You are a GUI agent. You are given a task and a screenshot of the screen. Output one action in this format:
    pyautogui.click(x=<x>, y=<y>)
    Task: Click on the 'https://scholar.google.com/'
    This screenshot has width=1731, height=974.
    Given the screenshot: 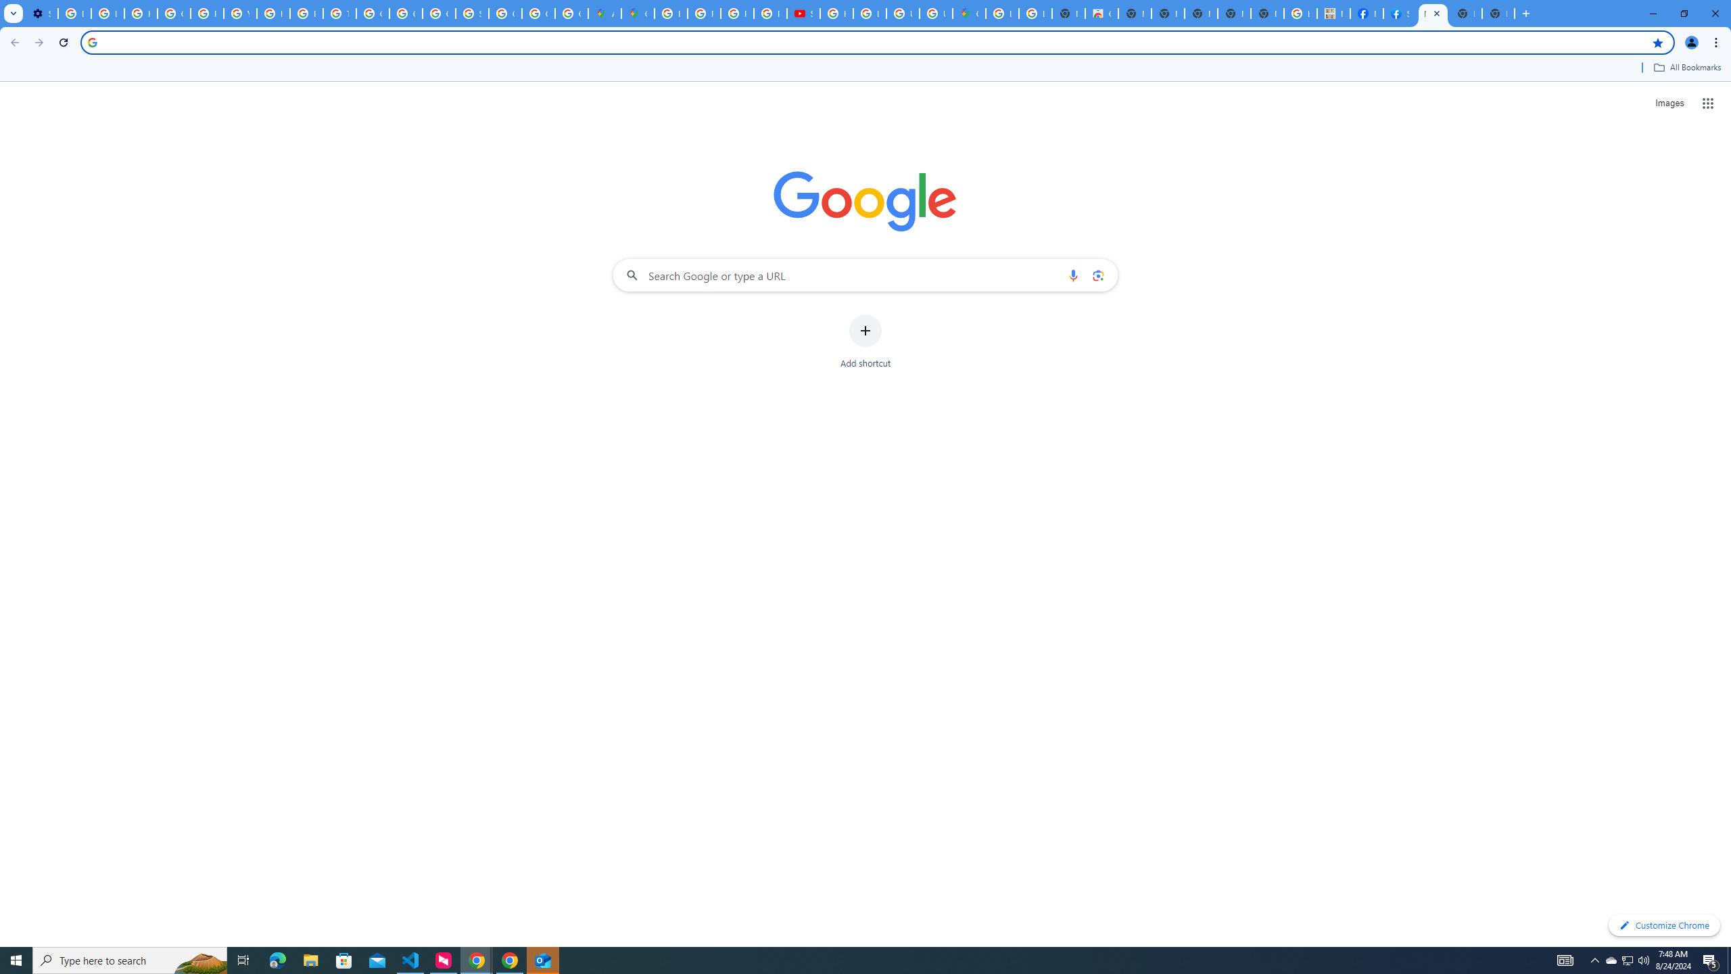 What is the action you would take?
    pyautogui.click(x=272, y=13)
    